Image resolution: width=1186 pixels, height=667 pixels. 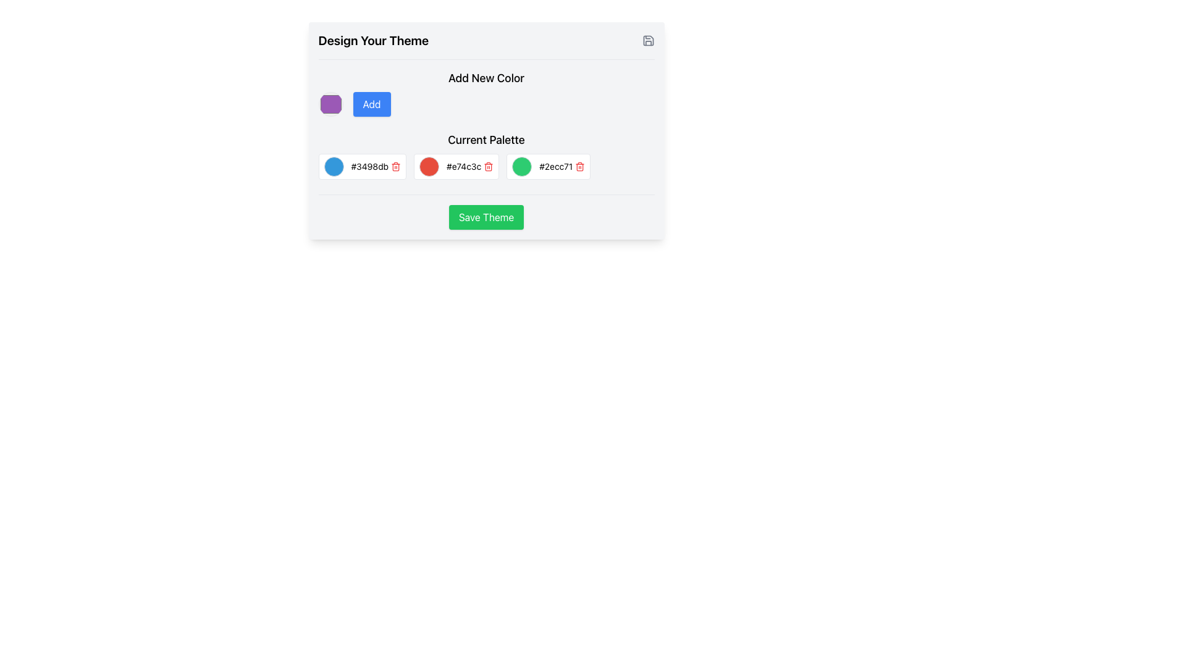 I want to click on the button that removes the color '#3498db' from the palette, located as the rightmost item in a horizontal group containing a circular blue color representation and its associated color code text, so click(x=396, y=167).